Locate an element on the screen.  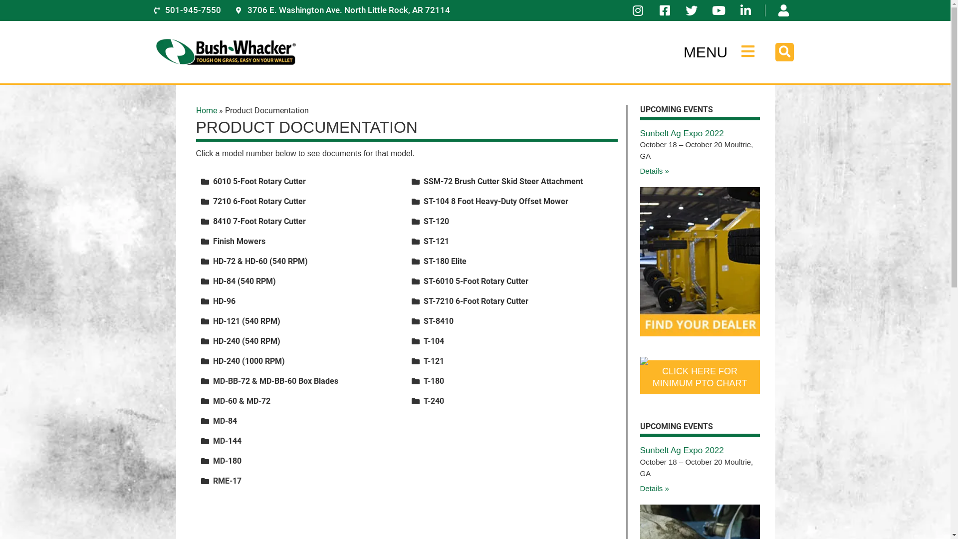
'HD-96' is located at coordinates (223, 300).